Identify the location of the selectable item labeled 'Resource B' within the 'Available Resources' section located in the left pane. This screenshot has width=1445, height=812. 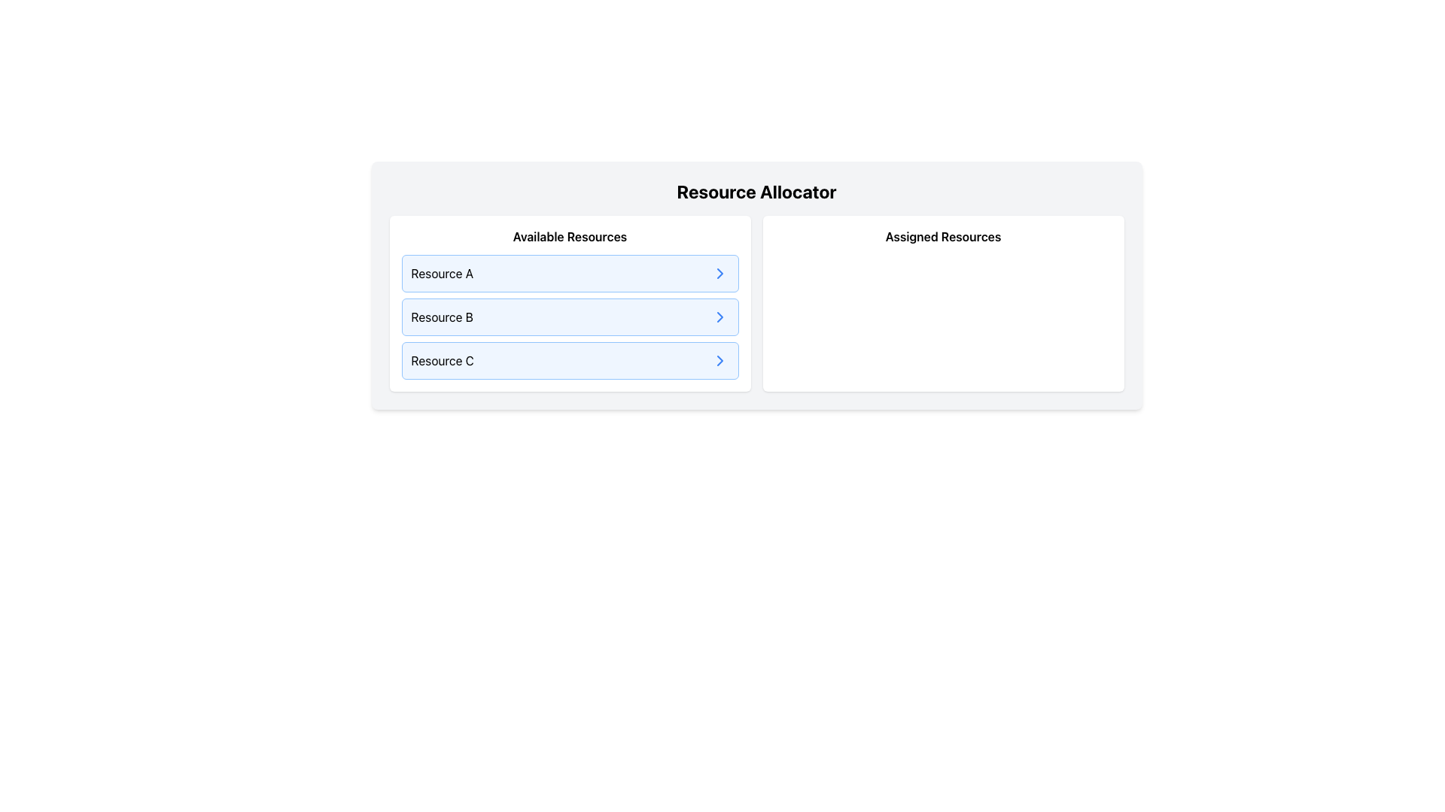
(569, 316).